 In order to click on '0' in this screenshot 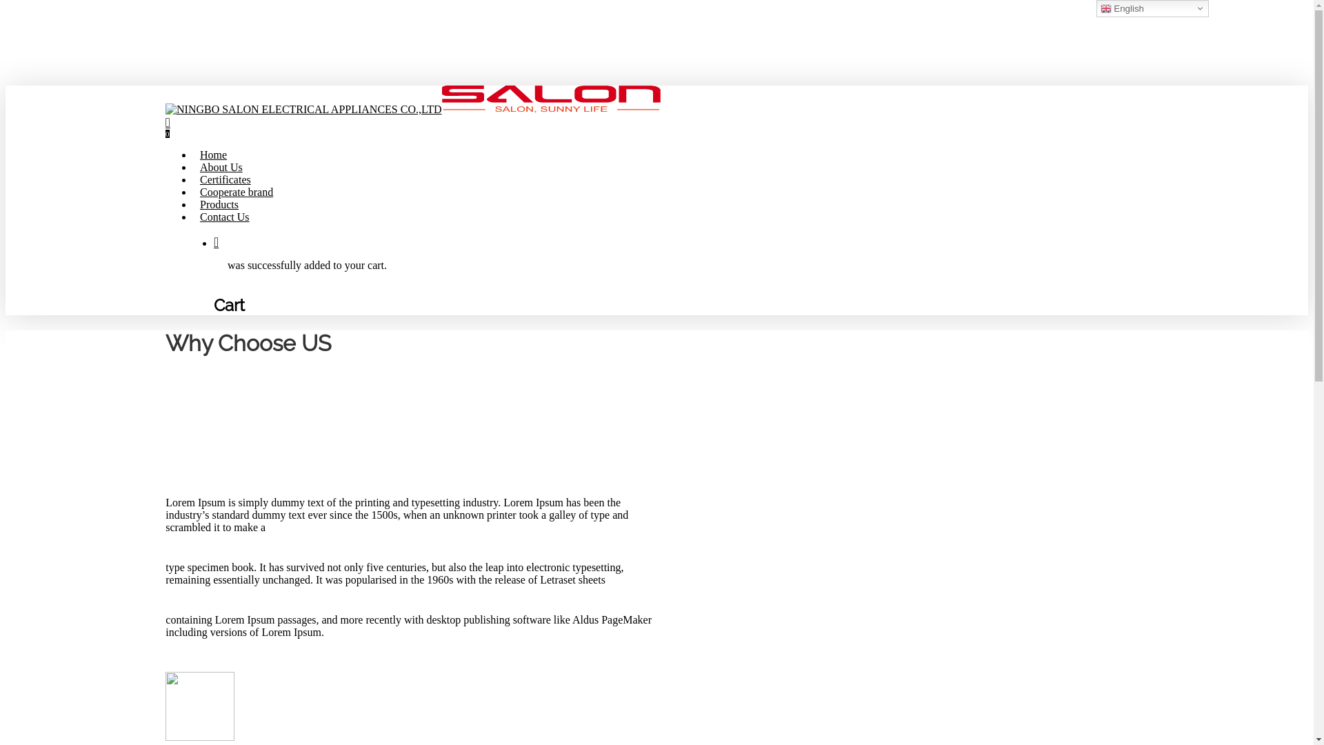, I will do `click(656, 127)`.